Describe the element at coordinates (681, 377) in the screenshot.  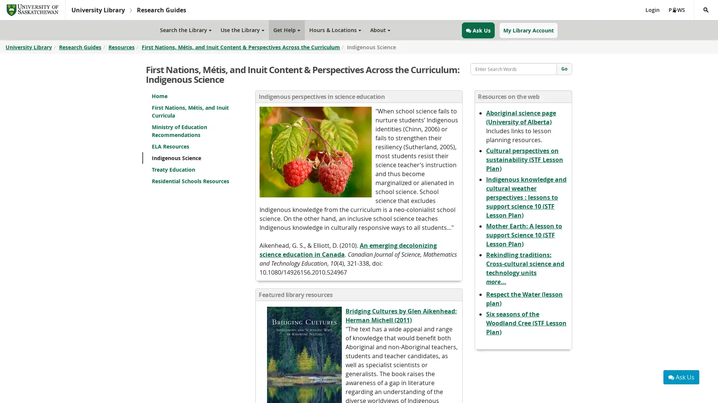
I see `Ask Us` at that location.